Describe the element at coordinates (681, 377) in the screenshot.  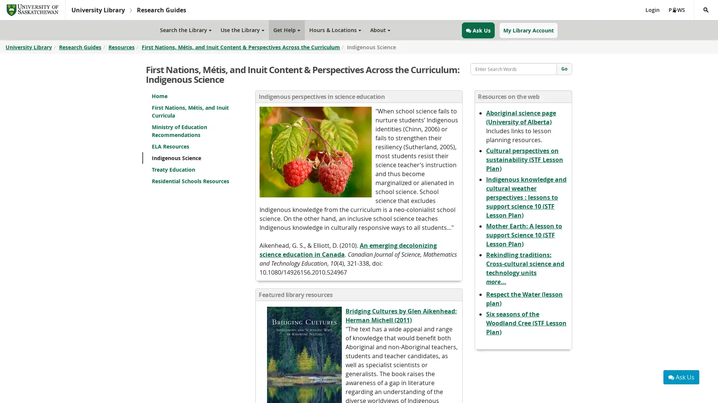
I see `Ask Us` at that location.